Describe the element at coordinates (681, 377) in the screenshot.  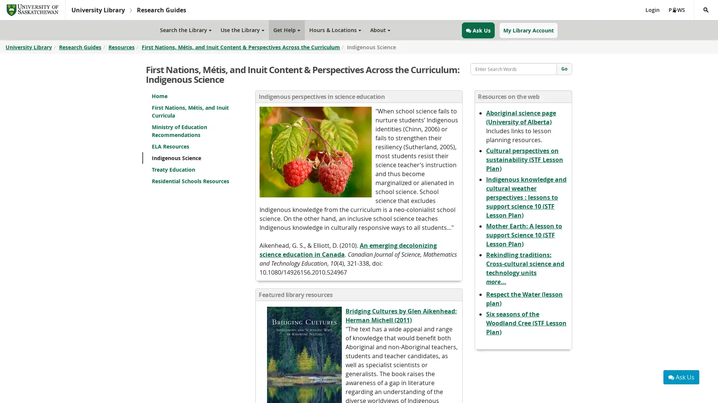
I see `Ask Us` at that location.